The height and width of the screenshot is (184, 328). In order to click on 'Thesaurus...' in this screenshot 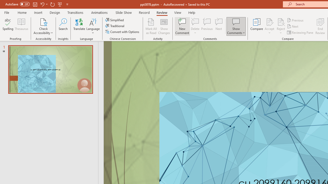, I will do `click(21, 26)`.